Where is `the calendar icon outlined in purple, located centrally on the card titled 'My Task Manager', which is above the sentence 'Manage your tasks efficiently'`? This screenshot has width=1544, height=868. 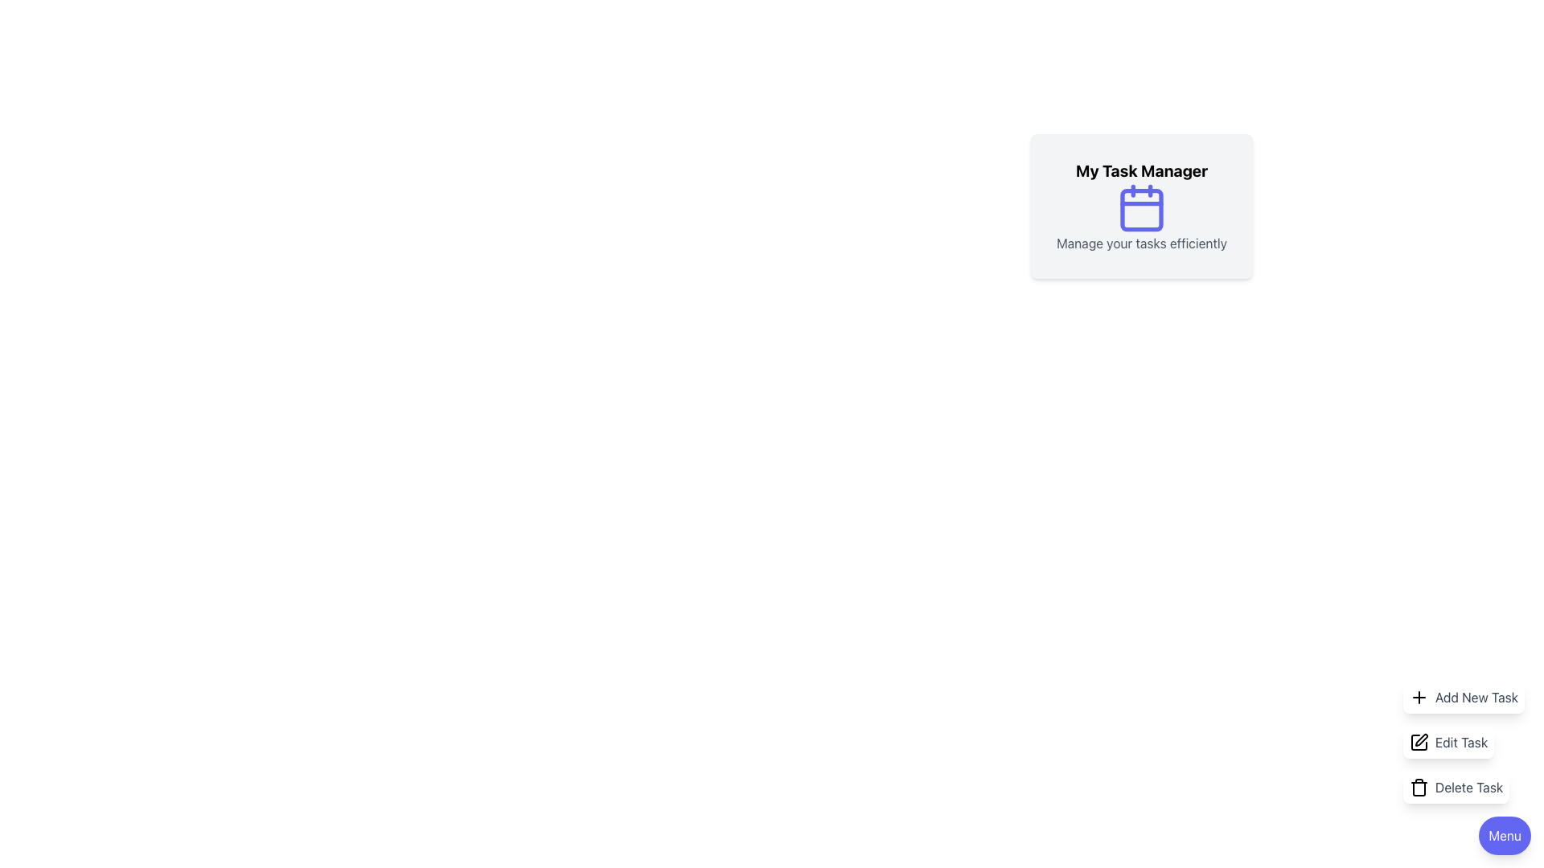
the calendar icon outlined in purple, located centrally on the card titled 'My Task Manager', which is above the sentence 'Manage your tasks efficiently' is located at coordinates (1141, 207).